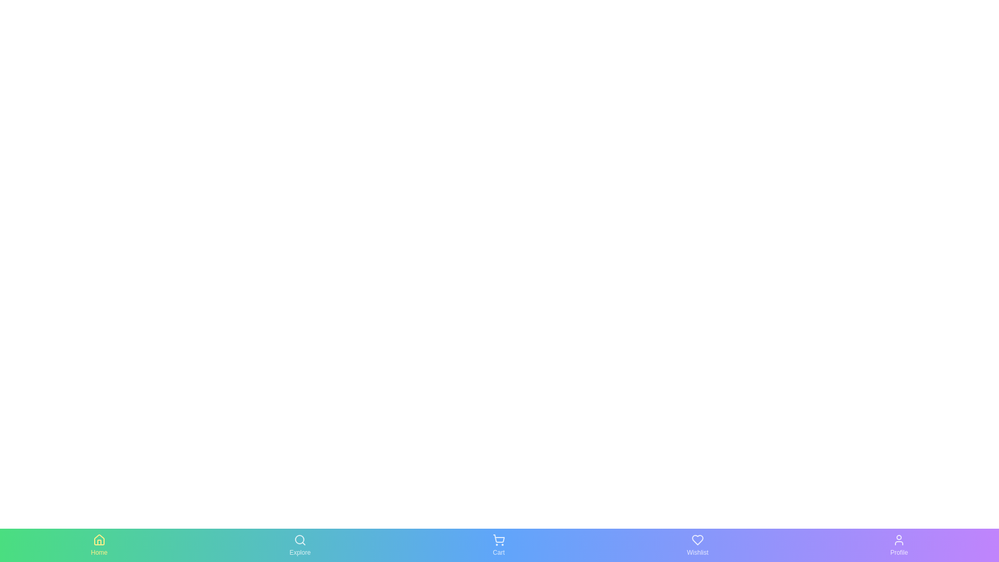  Describe the element at coordinates (899, 545) in the screenshot. I see `the Profile navigation icon to trigger navigation` at that location.